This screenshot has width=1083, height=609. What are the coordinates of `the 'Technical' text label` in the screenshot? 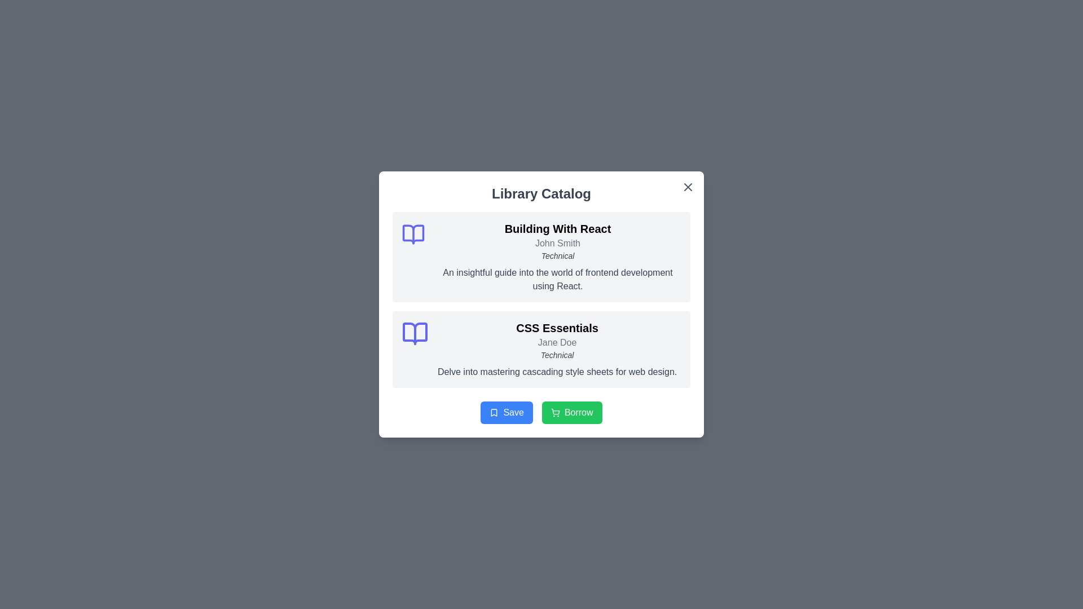 It's located at (557, 354).